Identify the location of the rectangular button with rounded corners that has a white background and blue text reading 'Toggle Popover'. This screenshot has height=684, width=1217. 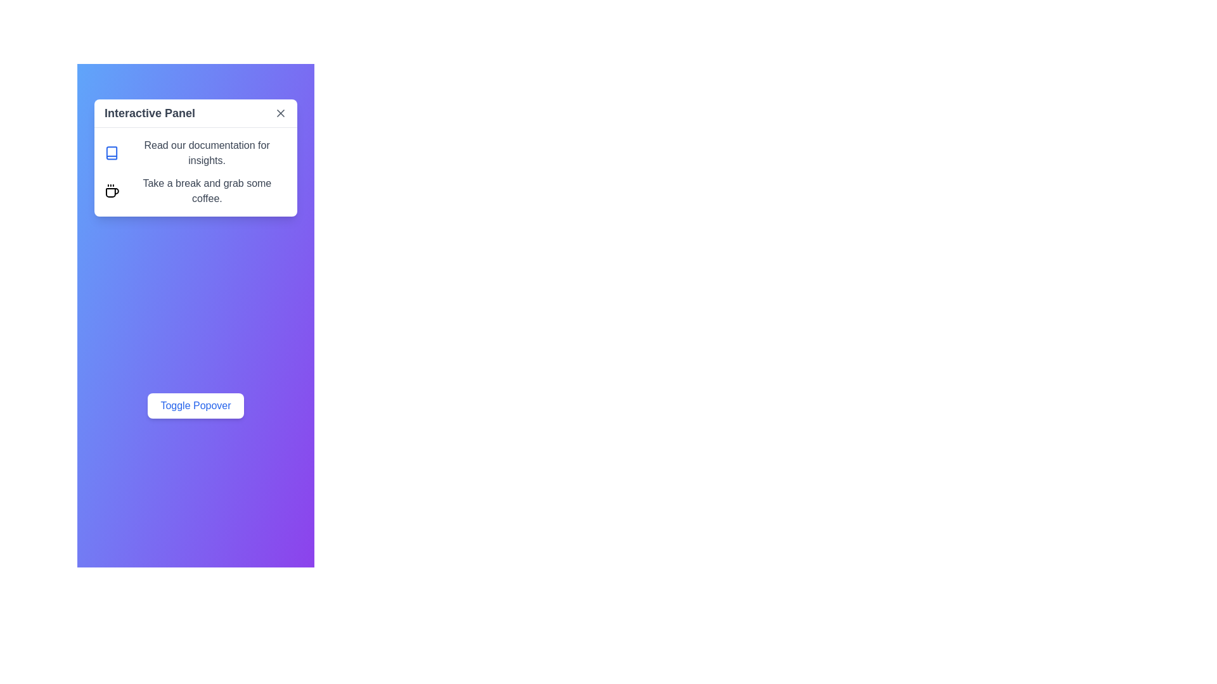
(195, 405).